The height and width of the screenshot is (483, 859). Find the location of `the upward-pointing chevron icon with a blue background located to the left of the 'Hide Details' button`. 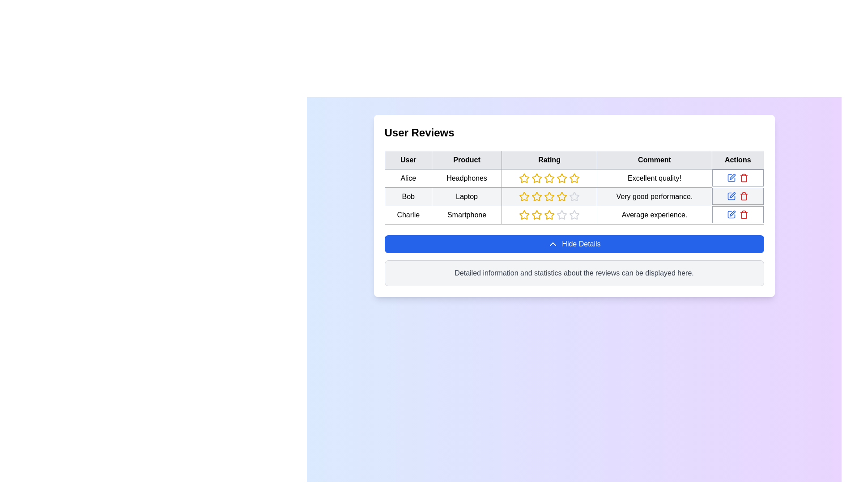

the upward-pointing chevron icon with a blue background located to the left of the 'Hide Details' button is located at coordinates (553, 244).